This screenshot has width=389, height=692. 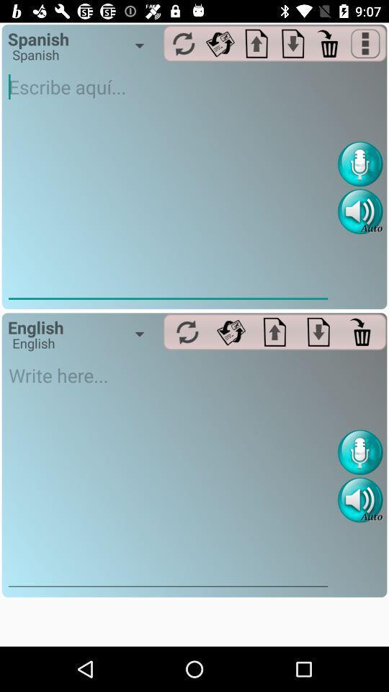 I want to click on the more icon, so click(x=365, y=43).